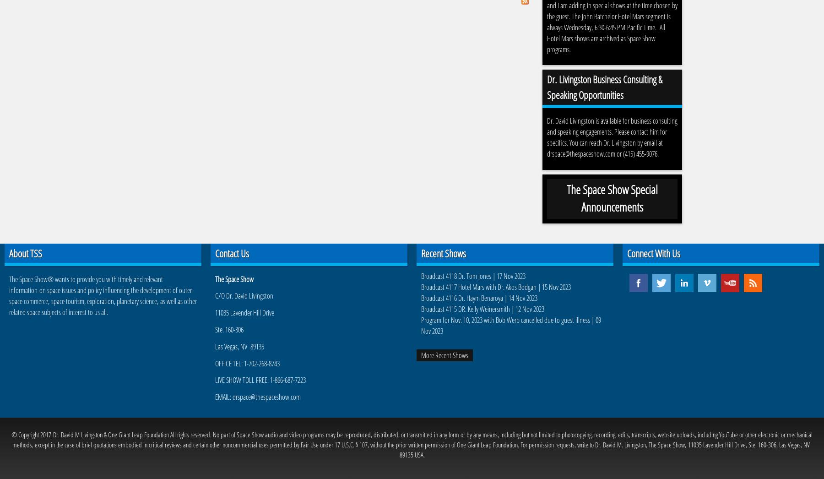  Describe the element at coordinates (511, 325) in the screenshot. I see `'Program for Nov. 10, 2023 with Bob Werb cancelled due to guest illness | 09 Nov 2023'` at that location.